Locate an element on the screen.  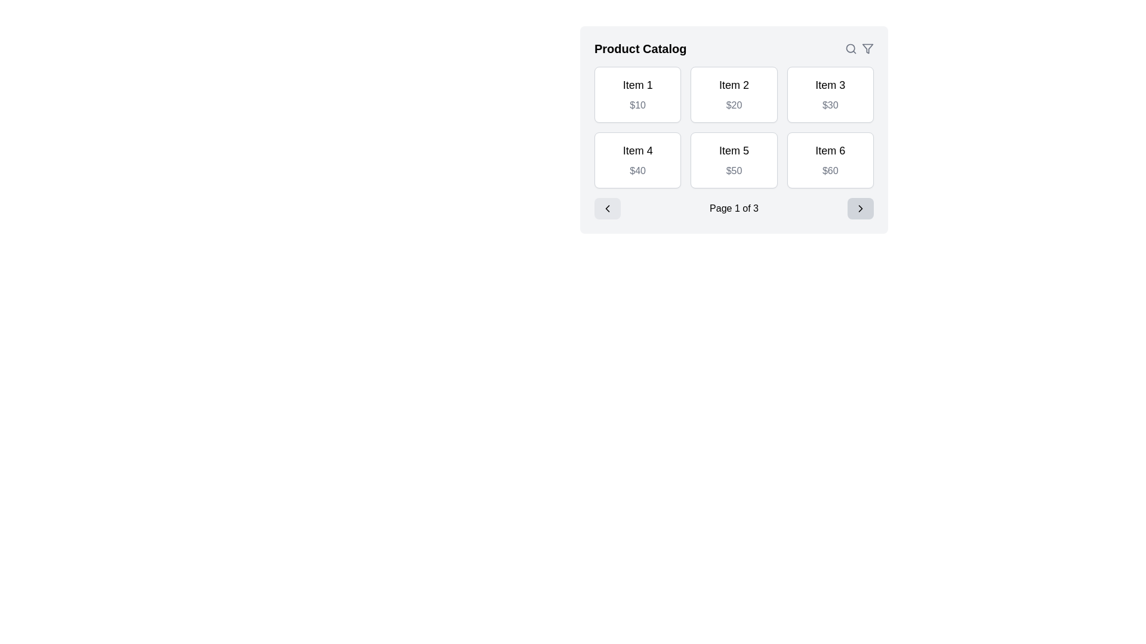
the product card displaying 'Item 6' priced at '$60' in the 'Product Catalog' section is located at coordinates (830, 160).